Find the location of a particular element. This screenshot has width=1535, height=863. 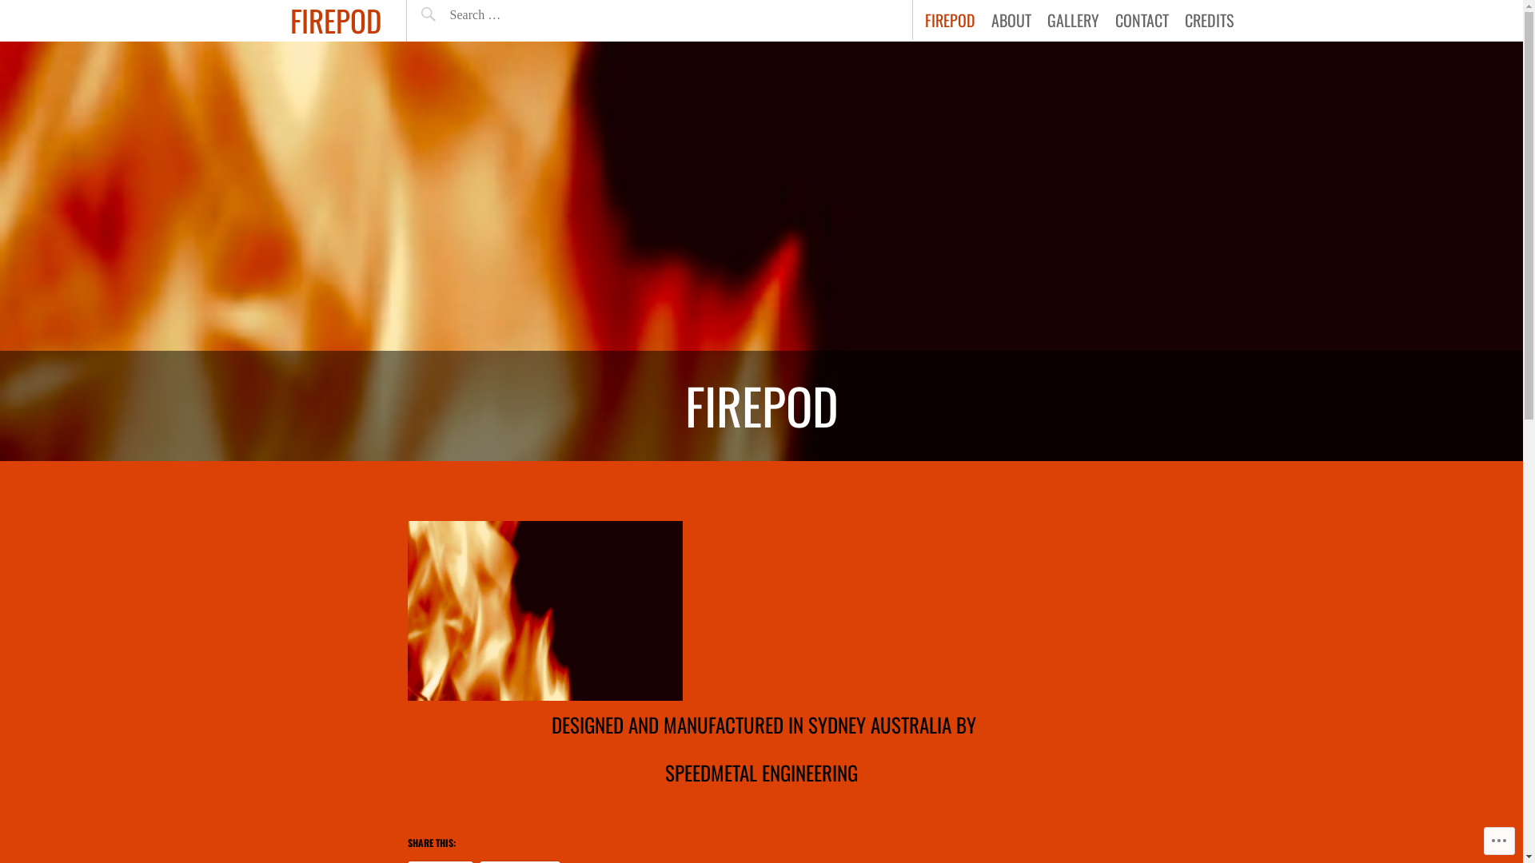

'Search' is located at coordinates (571, 18).